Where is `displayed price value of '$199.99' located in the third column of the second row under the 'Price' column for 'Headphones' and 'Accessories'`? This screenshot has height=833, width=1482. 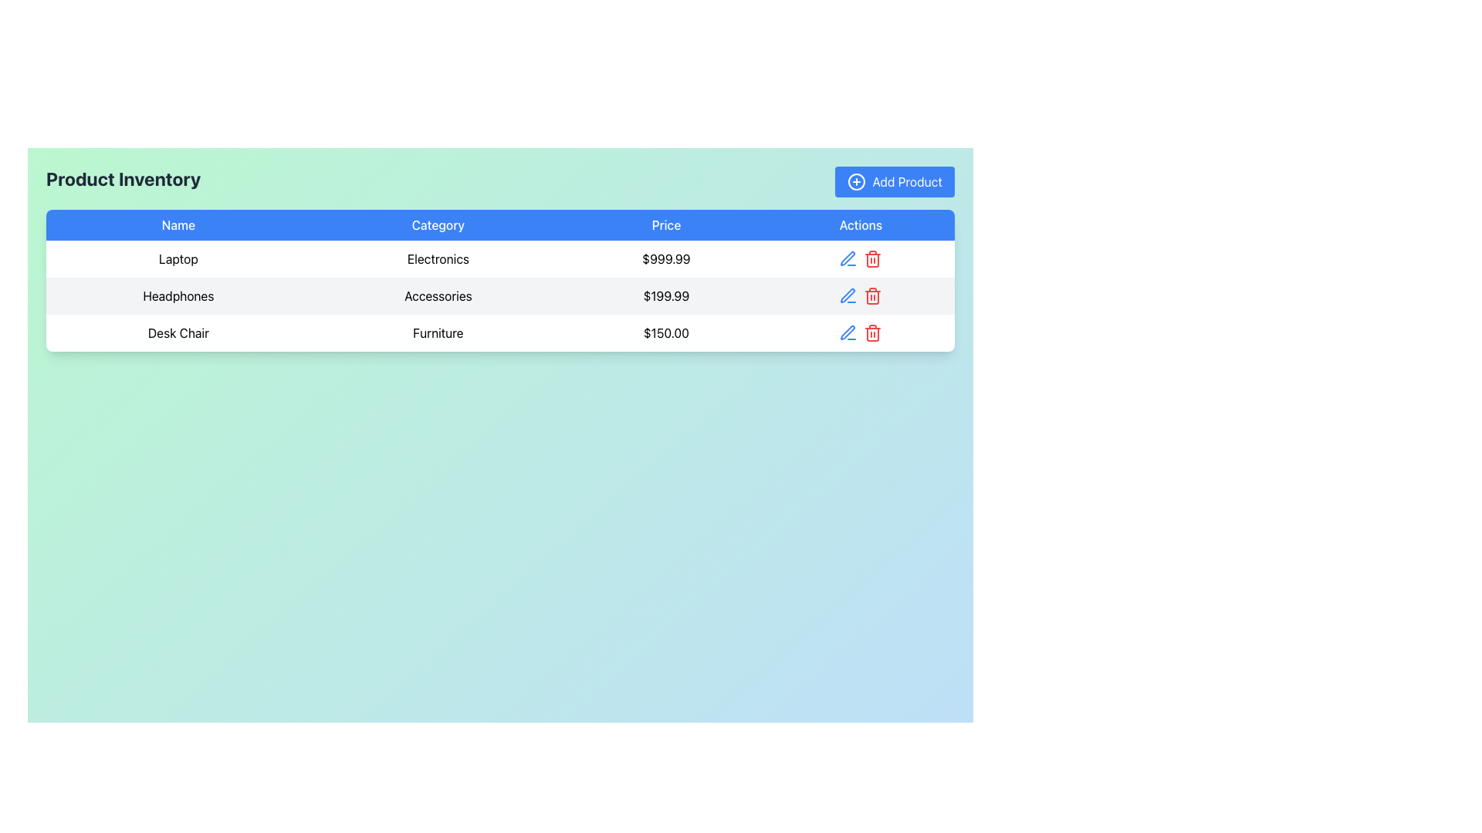
displayed price value of '$199.99' located in the third column of the second row under the 'Price' column for 'Headphones' and 'Accessories' is located at coordinates (666, 296).